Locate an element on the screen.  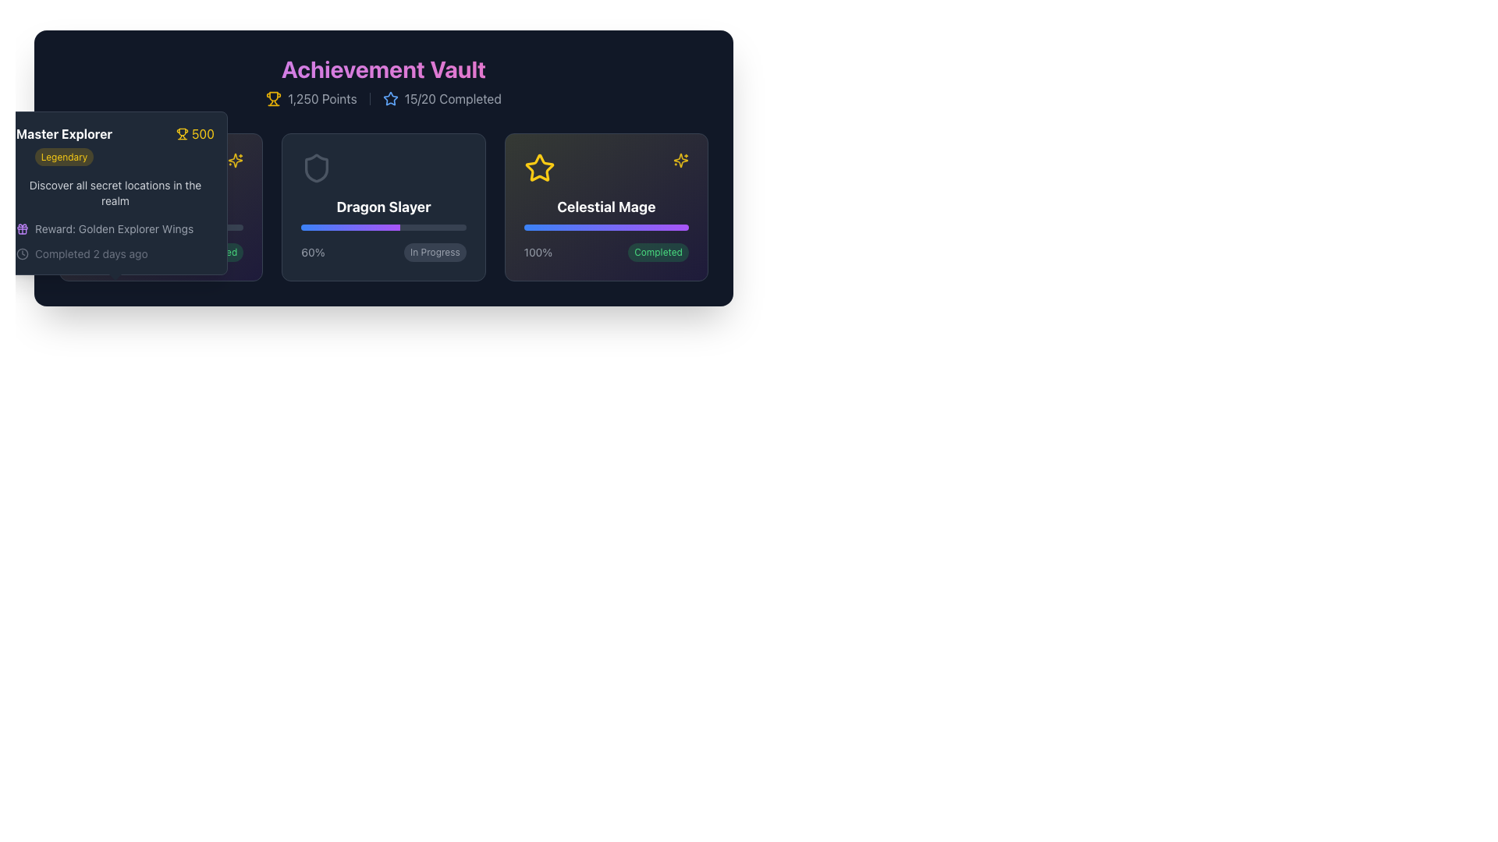
the star-shaped icon with yellow outlined edges located in the top-left section of the 'Celestial Mage' card beside the title text is located at coordinates (539, 168).